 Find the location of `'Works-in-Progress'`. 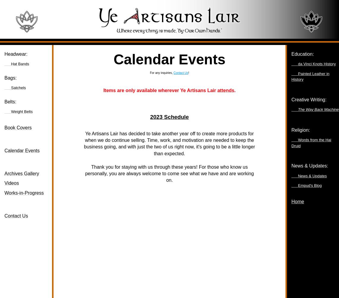

'Works-in-Progress' is located at coordinates (4, 193).